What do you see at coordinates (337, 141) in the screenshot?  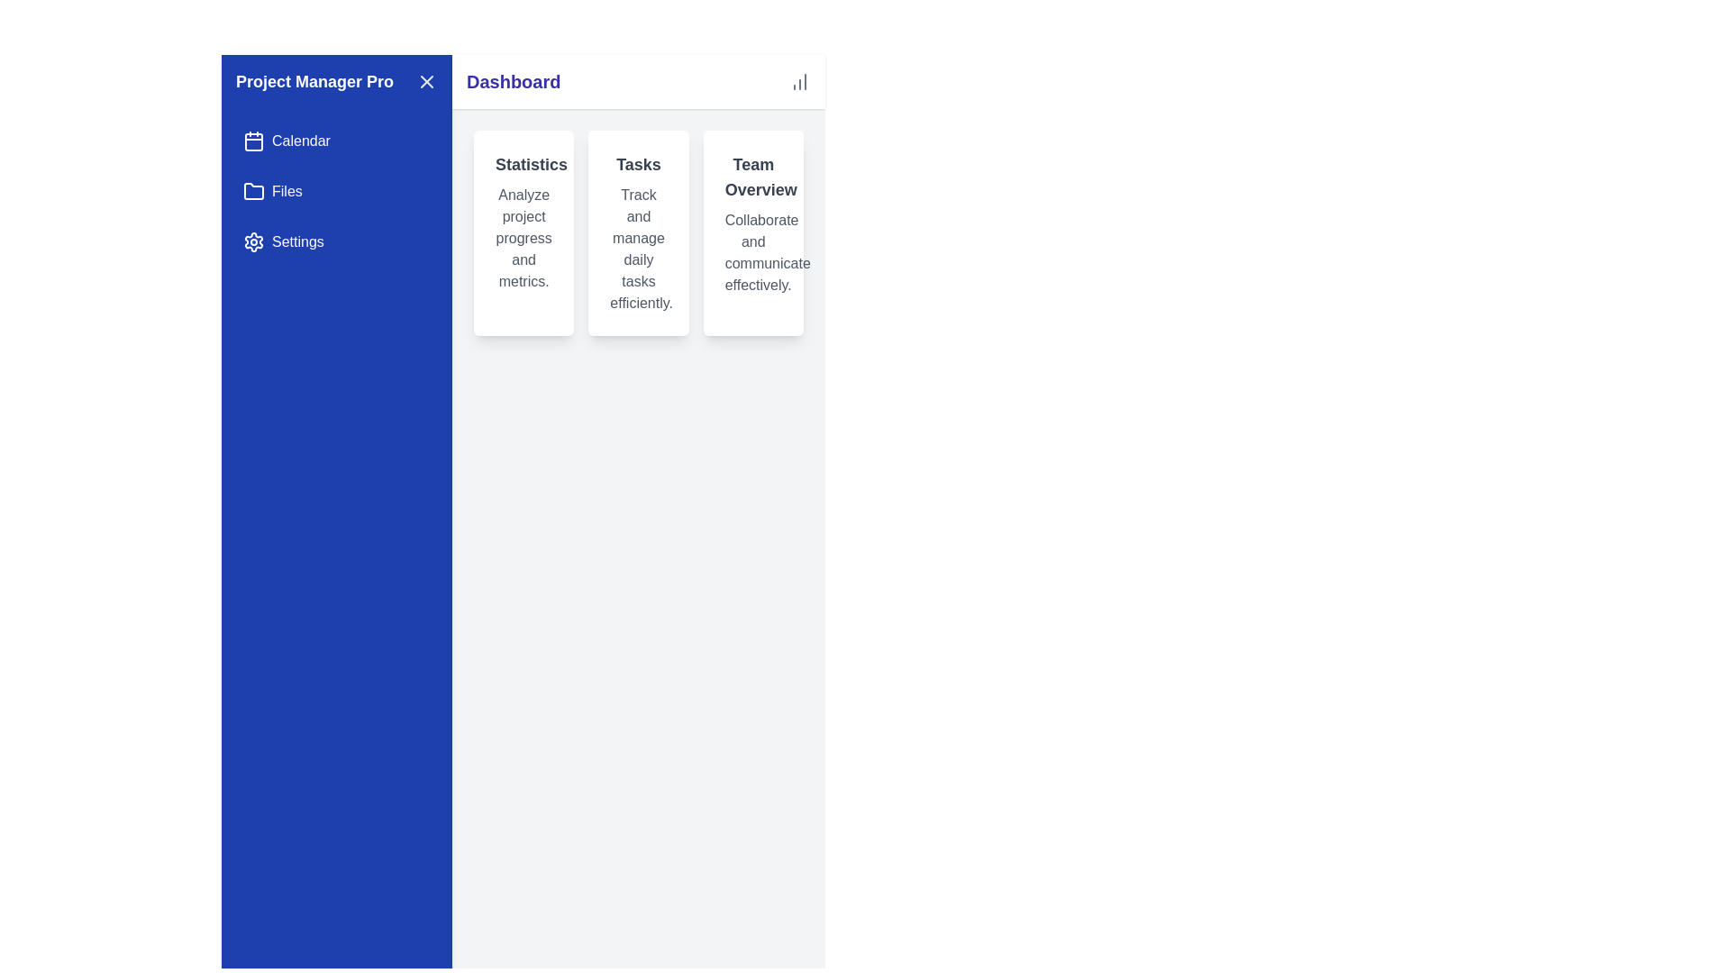 I see `the first navigation button in the vertical menu` at bounding box center [337, 141].